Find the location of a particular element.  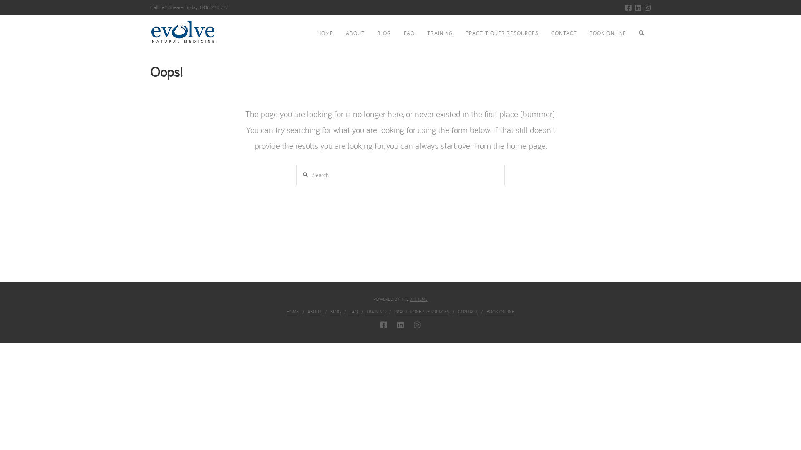

'Instagram' is located at coordinates (417, 324).